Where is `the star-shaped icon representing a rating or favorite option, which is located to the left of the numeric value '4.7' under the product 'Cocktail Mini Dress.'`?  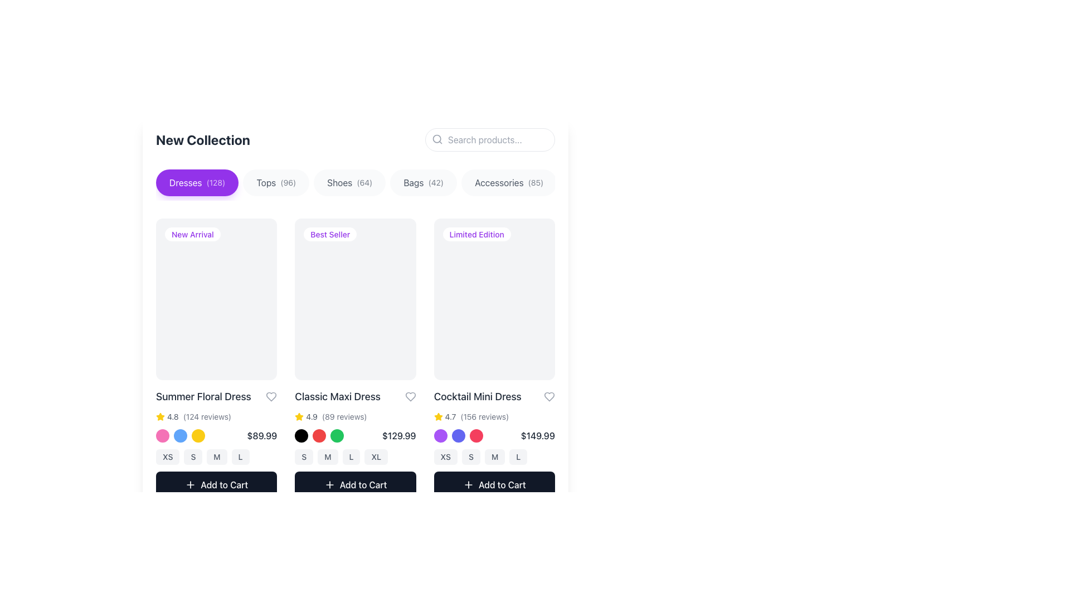 the star-shaped icon representing a rating or favorite option, which is located to the left of the numeric value '4.7' under the product 'Cocktail Mini Dress.' is located at coordinates (437, 416).